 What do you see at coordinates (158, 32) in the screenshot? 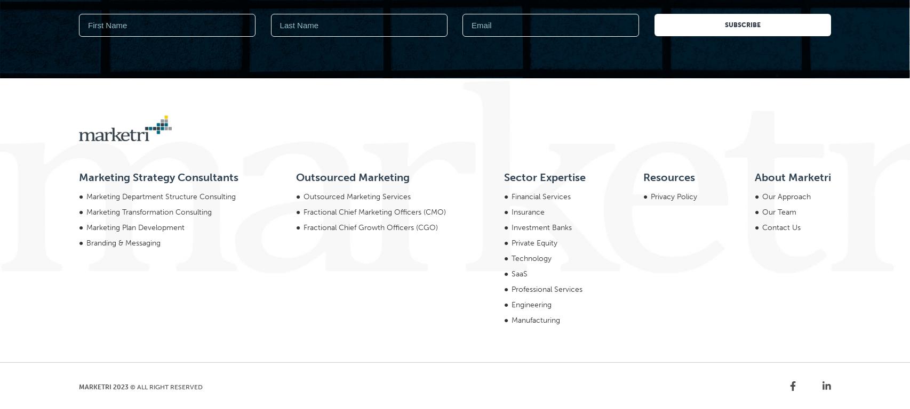
I see `'Marketing Strategy Consultants'` at bounding box center [158, 32].